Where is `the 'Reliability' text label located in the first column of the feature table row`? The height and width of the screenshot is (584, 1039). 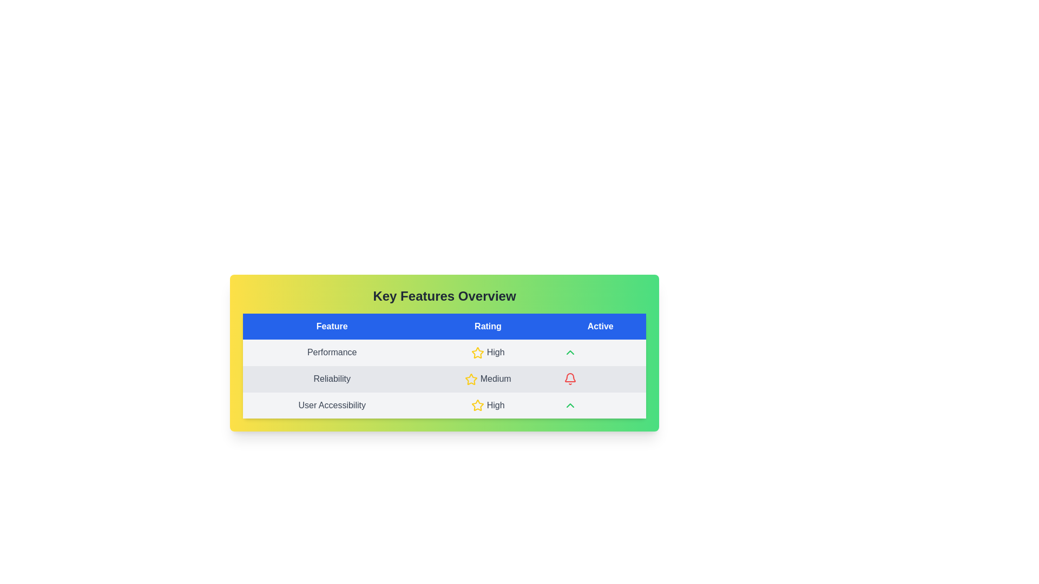 the 'Reliability' text label located in the first column of the feature table row is located at coordinates (331, 379).